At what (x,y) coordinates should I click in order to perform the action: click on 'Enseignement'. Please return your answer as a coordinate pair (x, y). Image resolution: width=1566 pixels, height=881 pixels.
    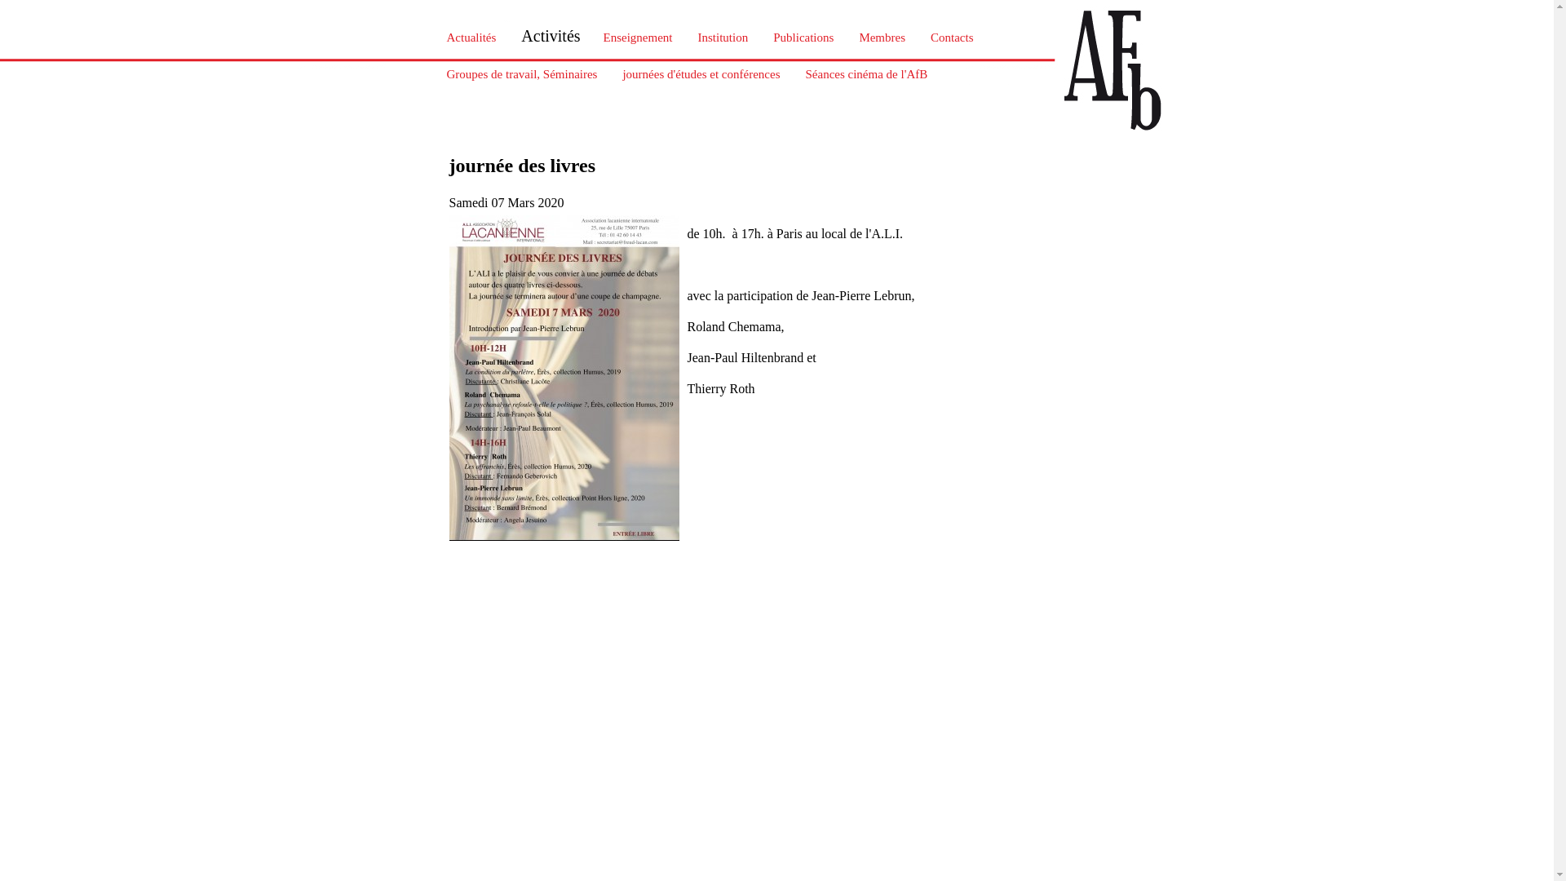
    Looking at the image, I should click on (637, 37).